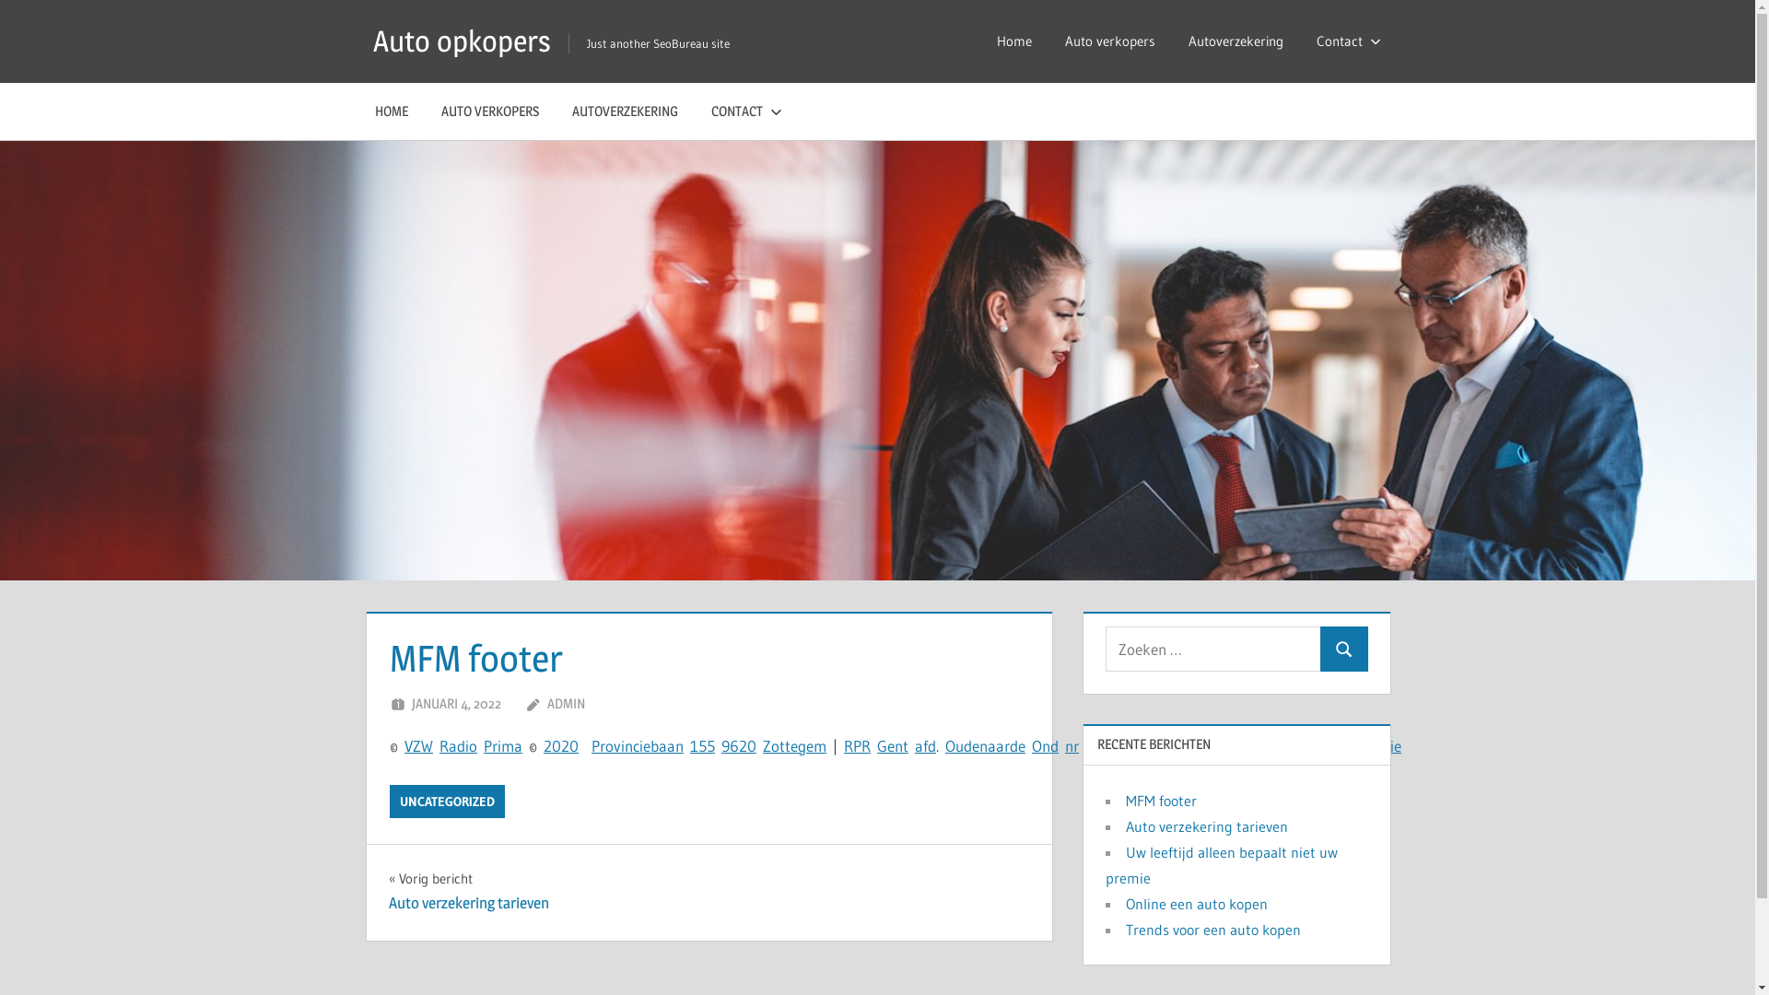 This screenshot has width=1769, height=995. Describe the element at coordinates (1380, 744) in the screenshot. I see `'a'` at that location.